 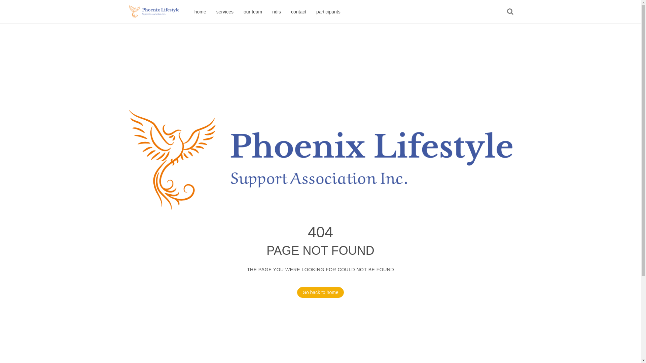 What do you see at coordinates (298, 11) in the screenshot?
I see `'contact'` at bounding box center [298, 11].